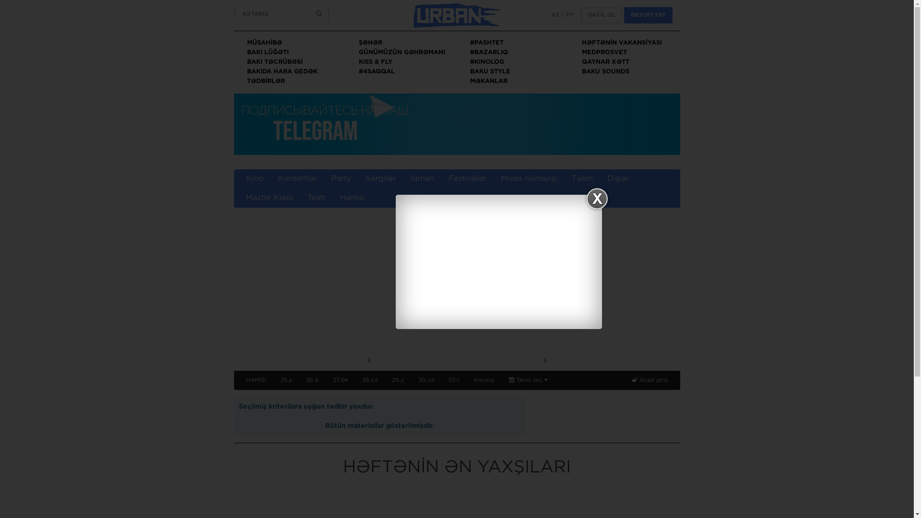 Image resolution: width=921 pixels, height=518 pixels. Describe the element at coordinates (317, 197) in the screenshot. I see `'Teatr'` at that location.